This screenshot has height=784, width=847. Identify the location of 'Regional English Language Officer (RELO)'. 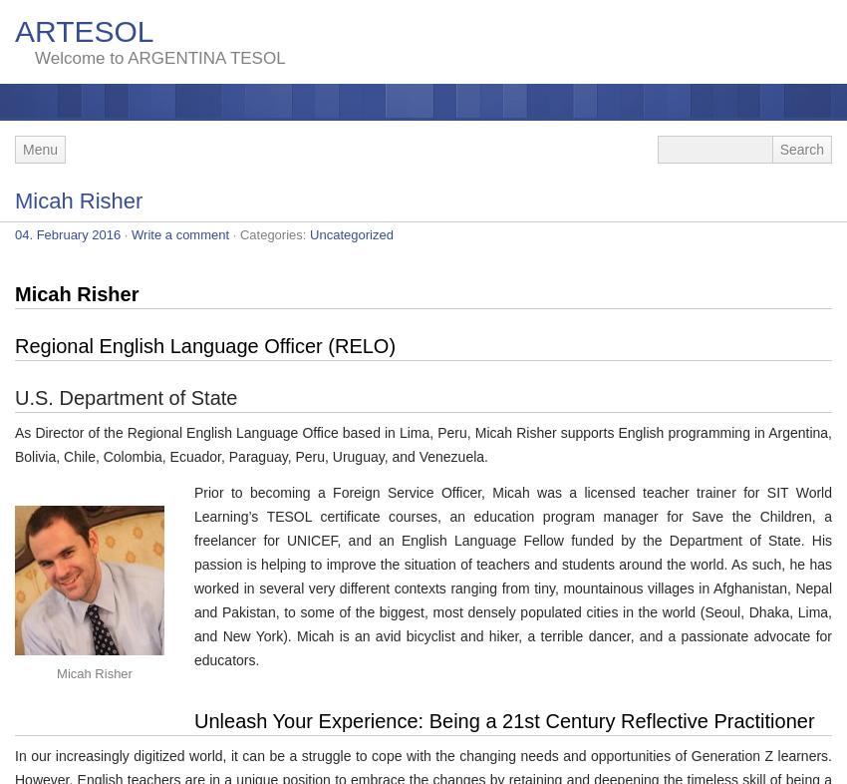
(204, 346).